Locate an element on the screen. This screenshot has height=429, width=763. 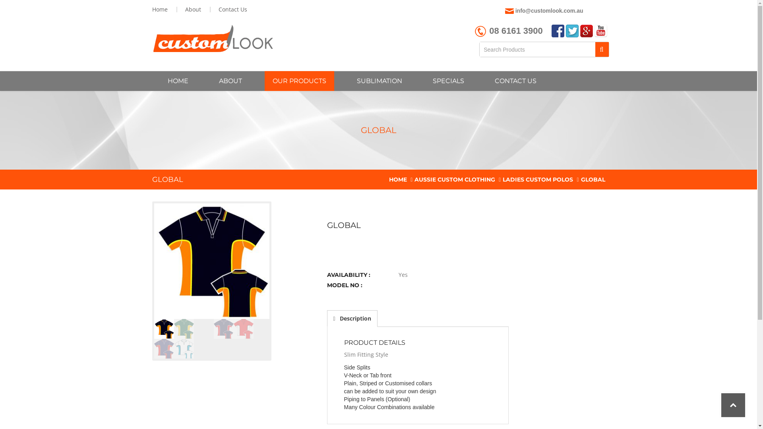
'SUBLIMATION' is located at coordinates (379, 81).